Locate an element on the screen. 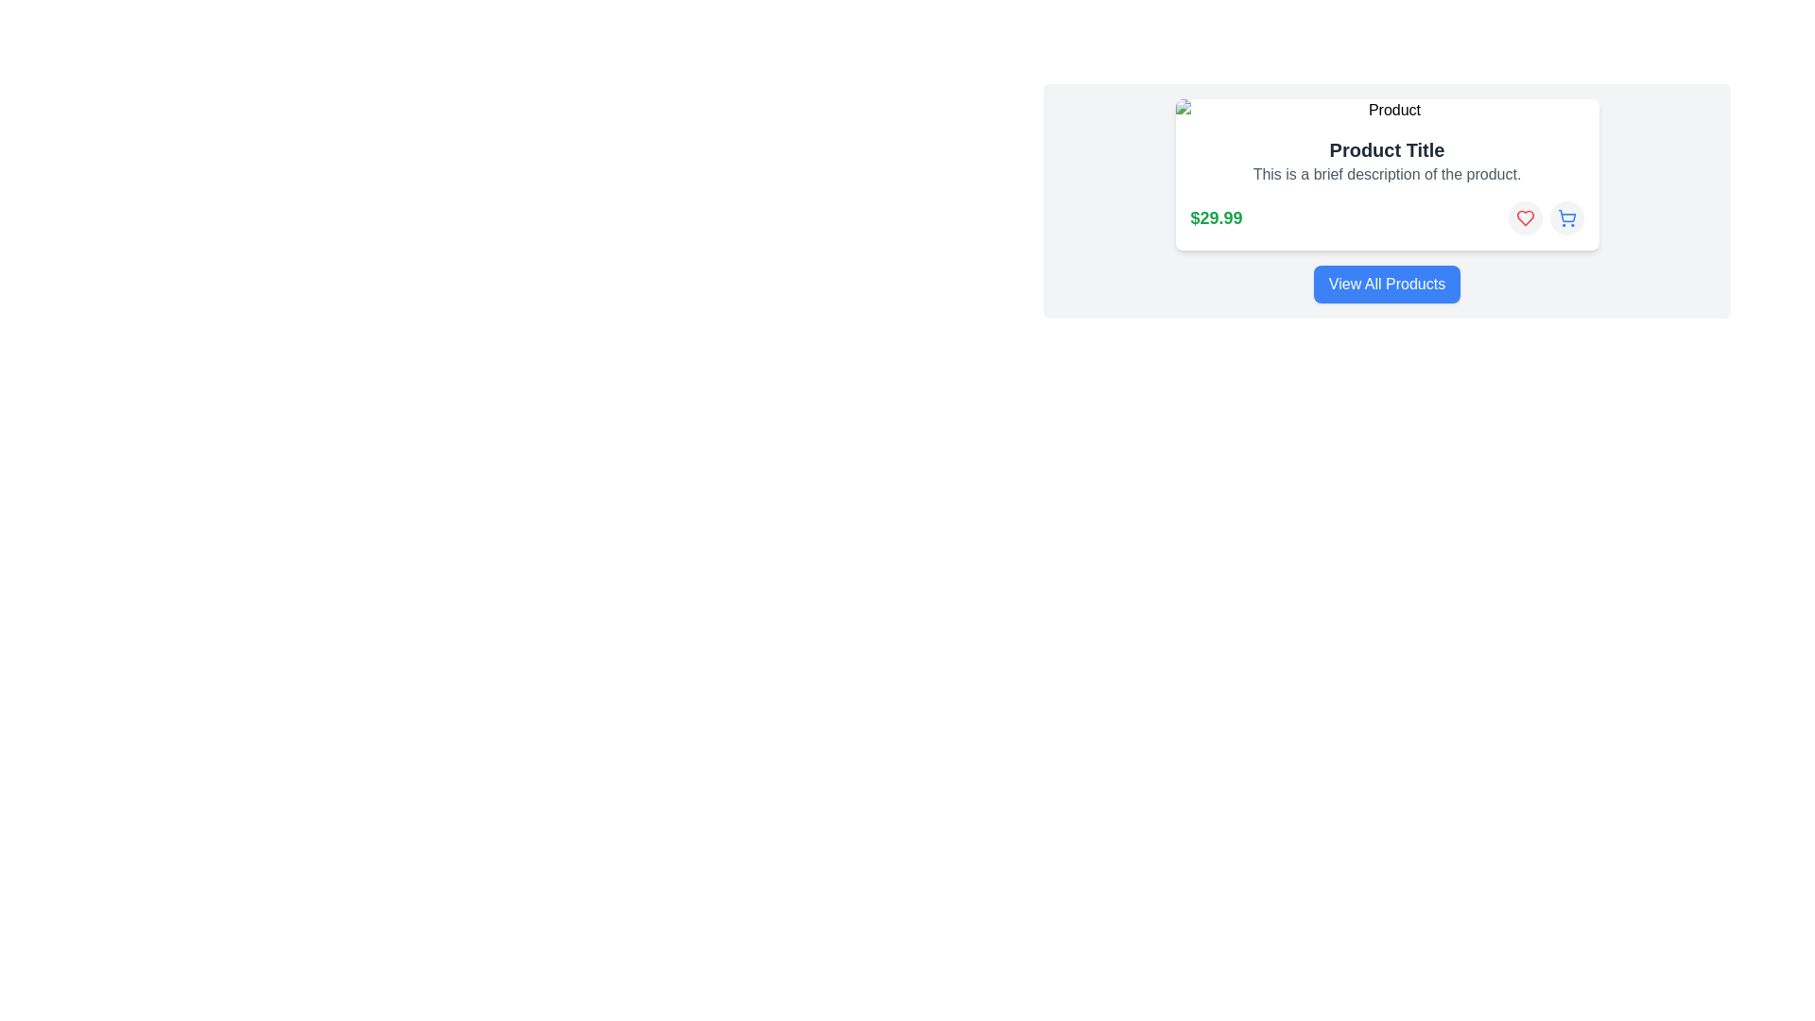 The height and width of the screenshot is (1021, 1815). the button located at the bottom center of the product card to observe any hover effects is located at coordinates (1387, 284).